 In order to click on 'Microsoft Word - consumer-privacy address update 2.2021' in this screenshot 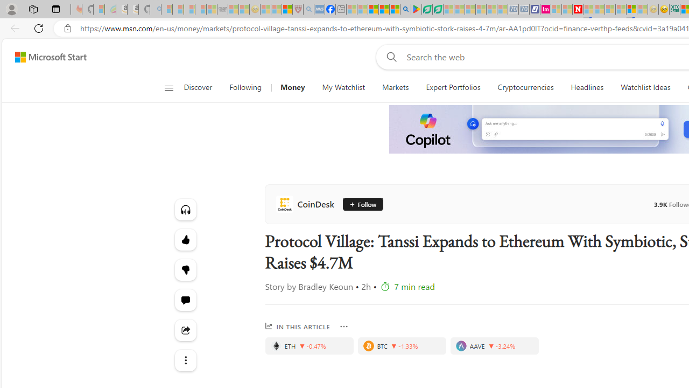, I will do `click(438, 9)`.